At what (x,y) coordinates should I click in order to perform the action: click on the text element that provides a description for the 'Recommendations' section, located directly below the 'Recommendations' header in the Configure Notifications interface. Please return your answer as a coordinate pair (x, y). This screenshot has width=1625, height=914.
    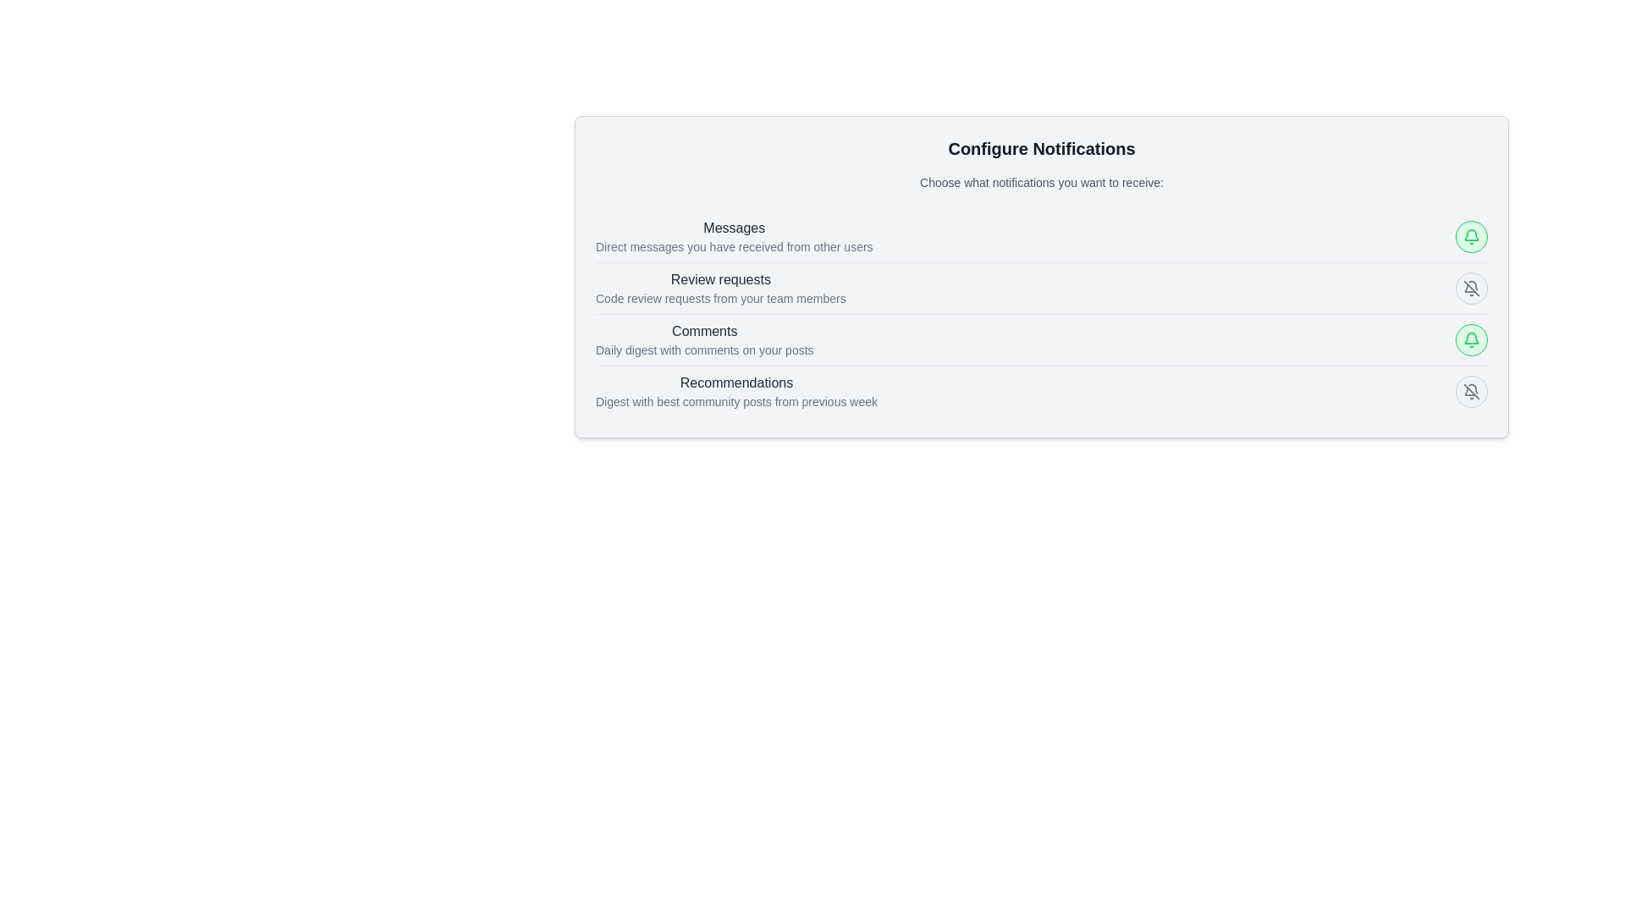
    Looking at the image, I should click on (736, 401).